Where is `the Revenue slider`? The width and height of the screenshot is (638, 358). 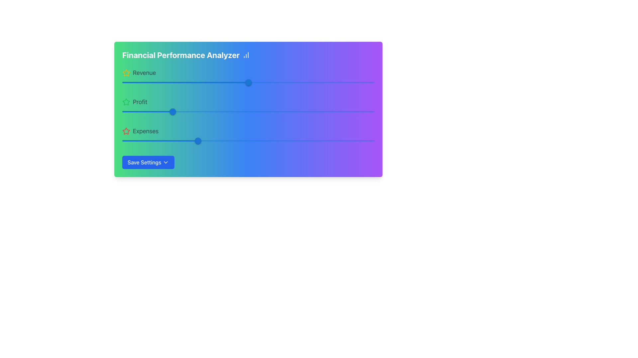 the Revenue slider is located at coordinates (236, 82).